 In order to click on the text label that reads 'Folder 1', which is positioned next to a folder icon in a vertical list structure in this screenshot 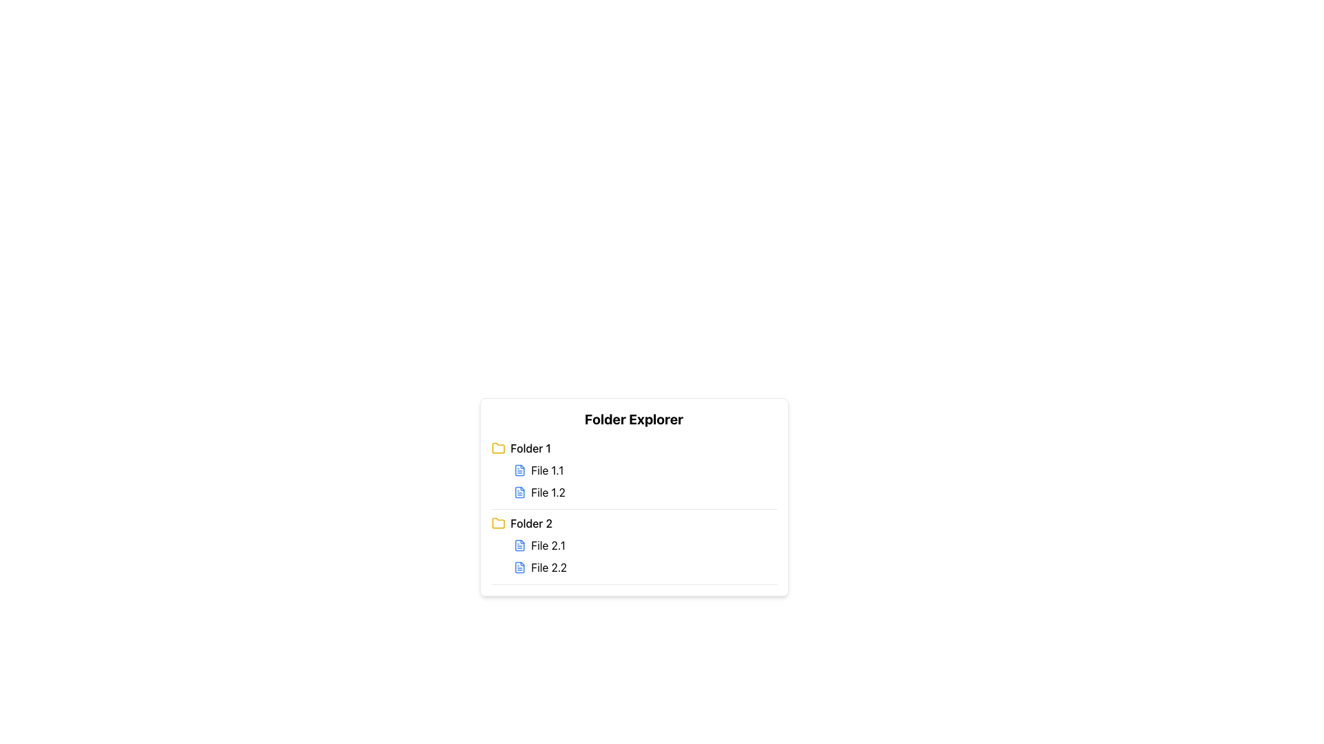, I will do `click(530, 448)`.